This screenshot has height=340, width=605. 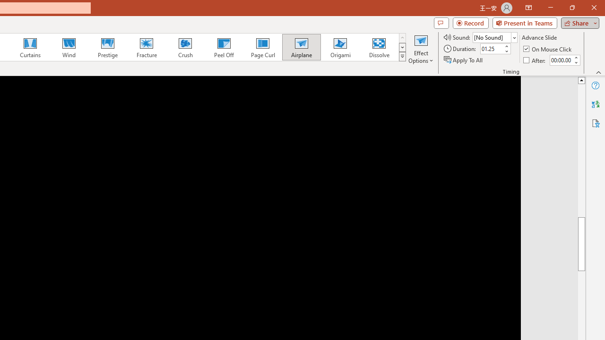 I want to click on 'Prestige', so click(x=107, y=47).